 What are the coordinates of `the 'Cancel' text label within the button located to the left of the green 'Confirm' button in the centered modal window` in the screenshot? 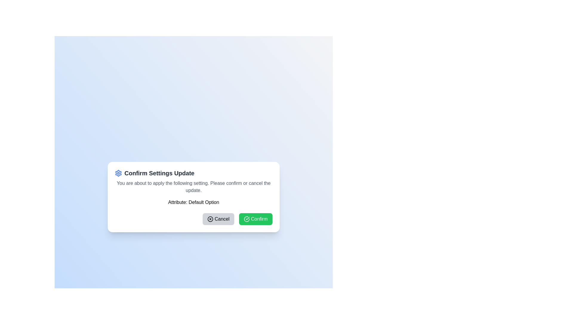 It's located at (222, 219).